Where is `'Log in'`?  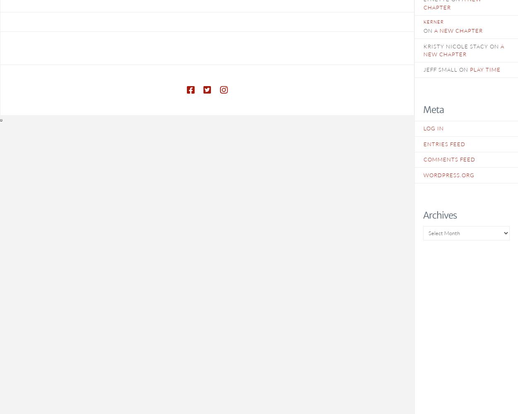
'Log in' is located at coordinates (433, 128).